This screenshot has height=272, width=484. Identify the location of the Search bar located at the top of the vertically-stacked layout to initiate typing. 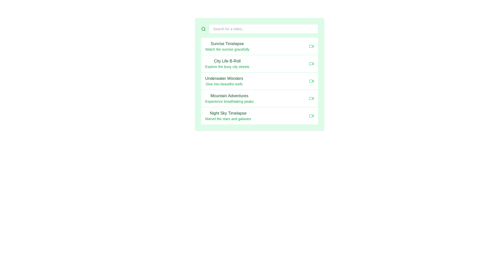
(260, 29).